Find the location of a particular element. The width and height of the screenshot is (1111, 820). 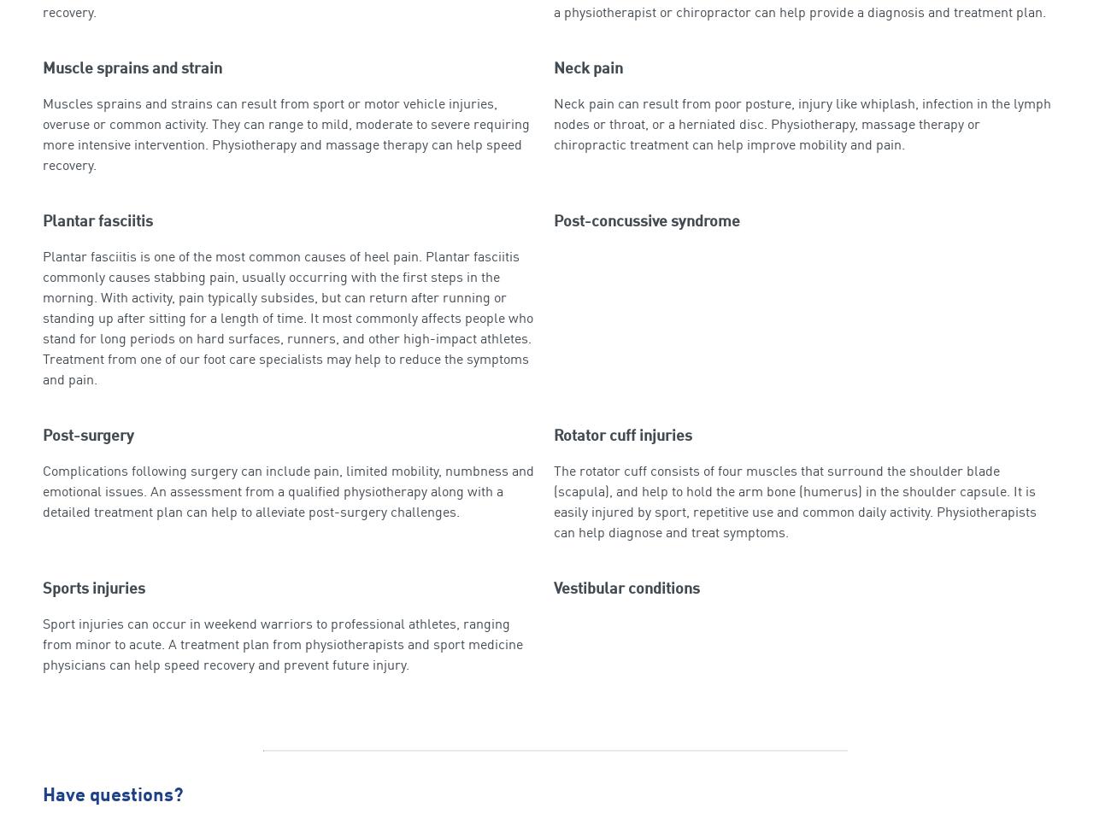

'Muscles sprains and strains can result from sport or motor vehicle injuries, overuse or common activity. They can range to mild, moderate to severe requiring more intensive intervention. Physiotherapy and massage therapy can help speed recovery.' is located at coordinates (285, 134).